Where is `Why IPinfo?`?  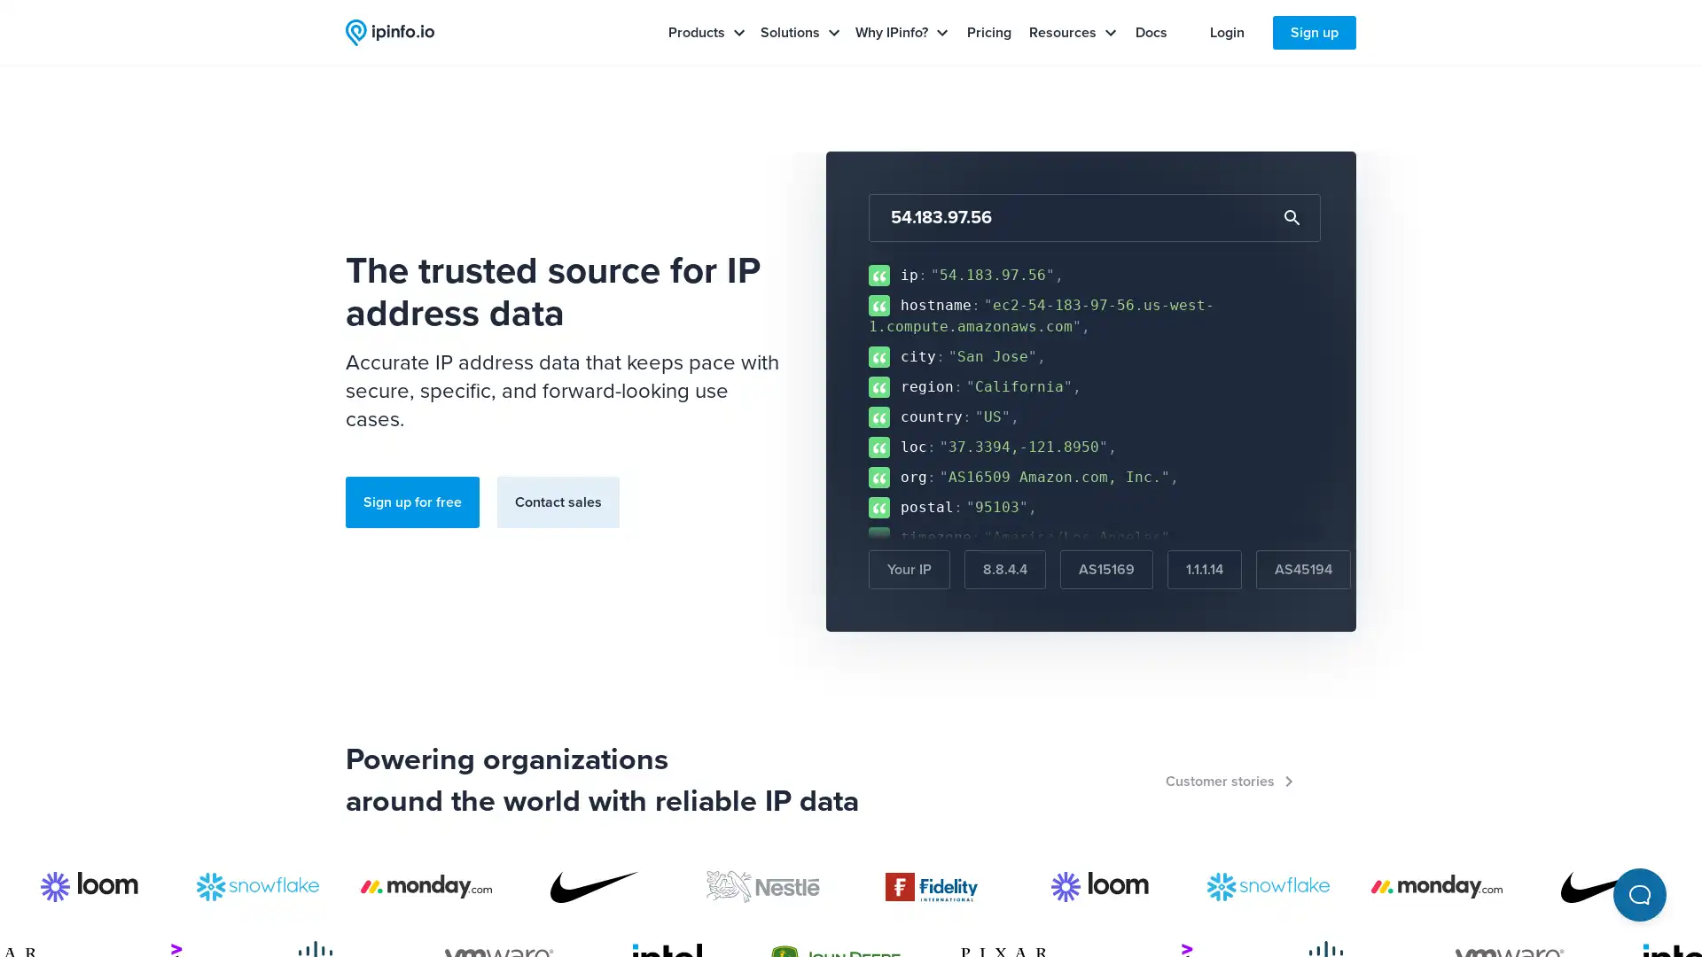
Why IPinfo? is located at coordinates (902, 33).